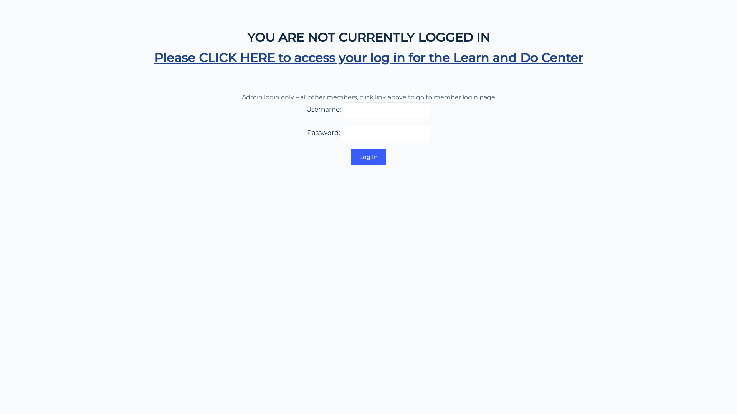  I want to click on 'Log In', so click(368, 156).